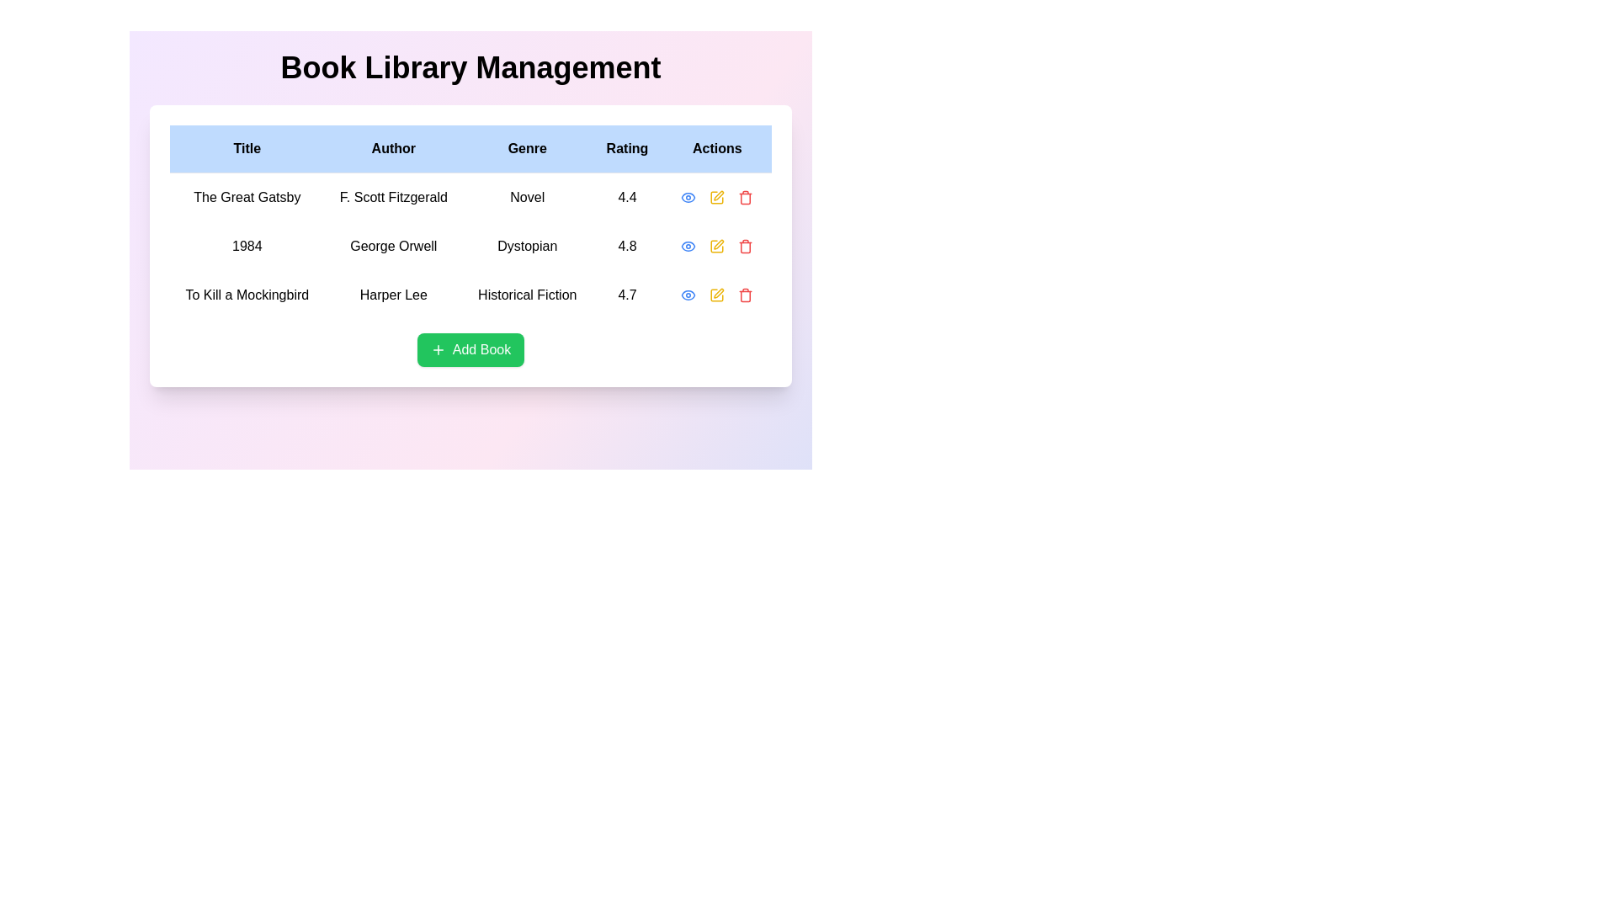 The image size is (1616, 909). I want to click on the trash can icon button in the Actions column of the second row in the table for the book '1984' by George Orwell, so click(745, 247).